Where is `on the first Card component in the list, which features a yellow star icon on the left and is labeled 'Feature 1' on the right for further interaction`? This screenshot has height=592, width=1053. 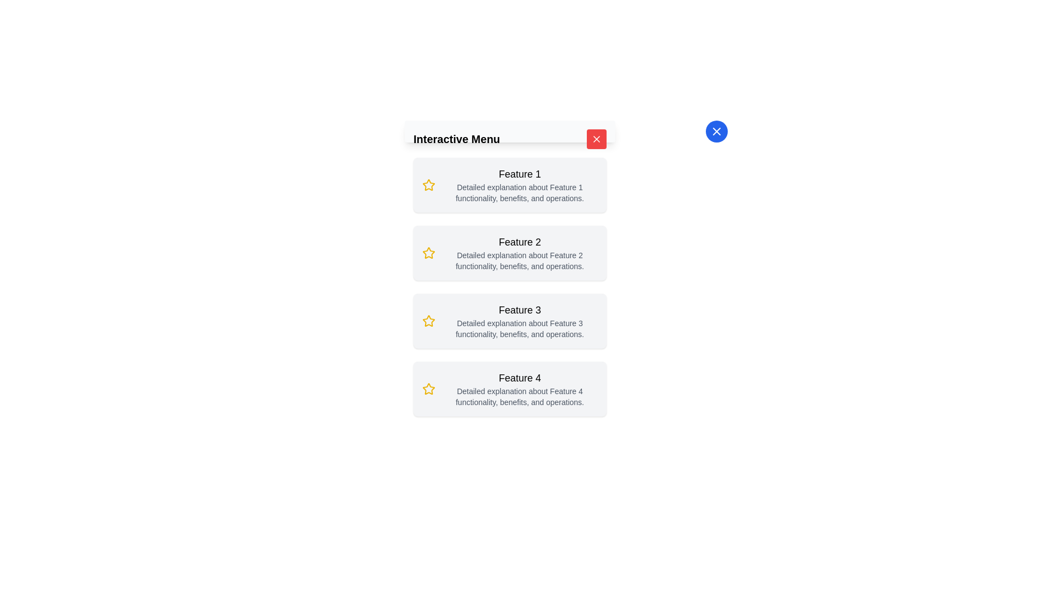 on the first Card component in the list, which features a yellow star icon on the left and is labeled 'Feature 1' on the right for further interaction is located at coordinates (509, 185).